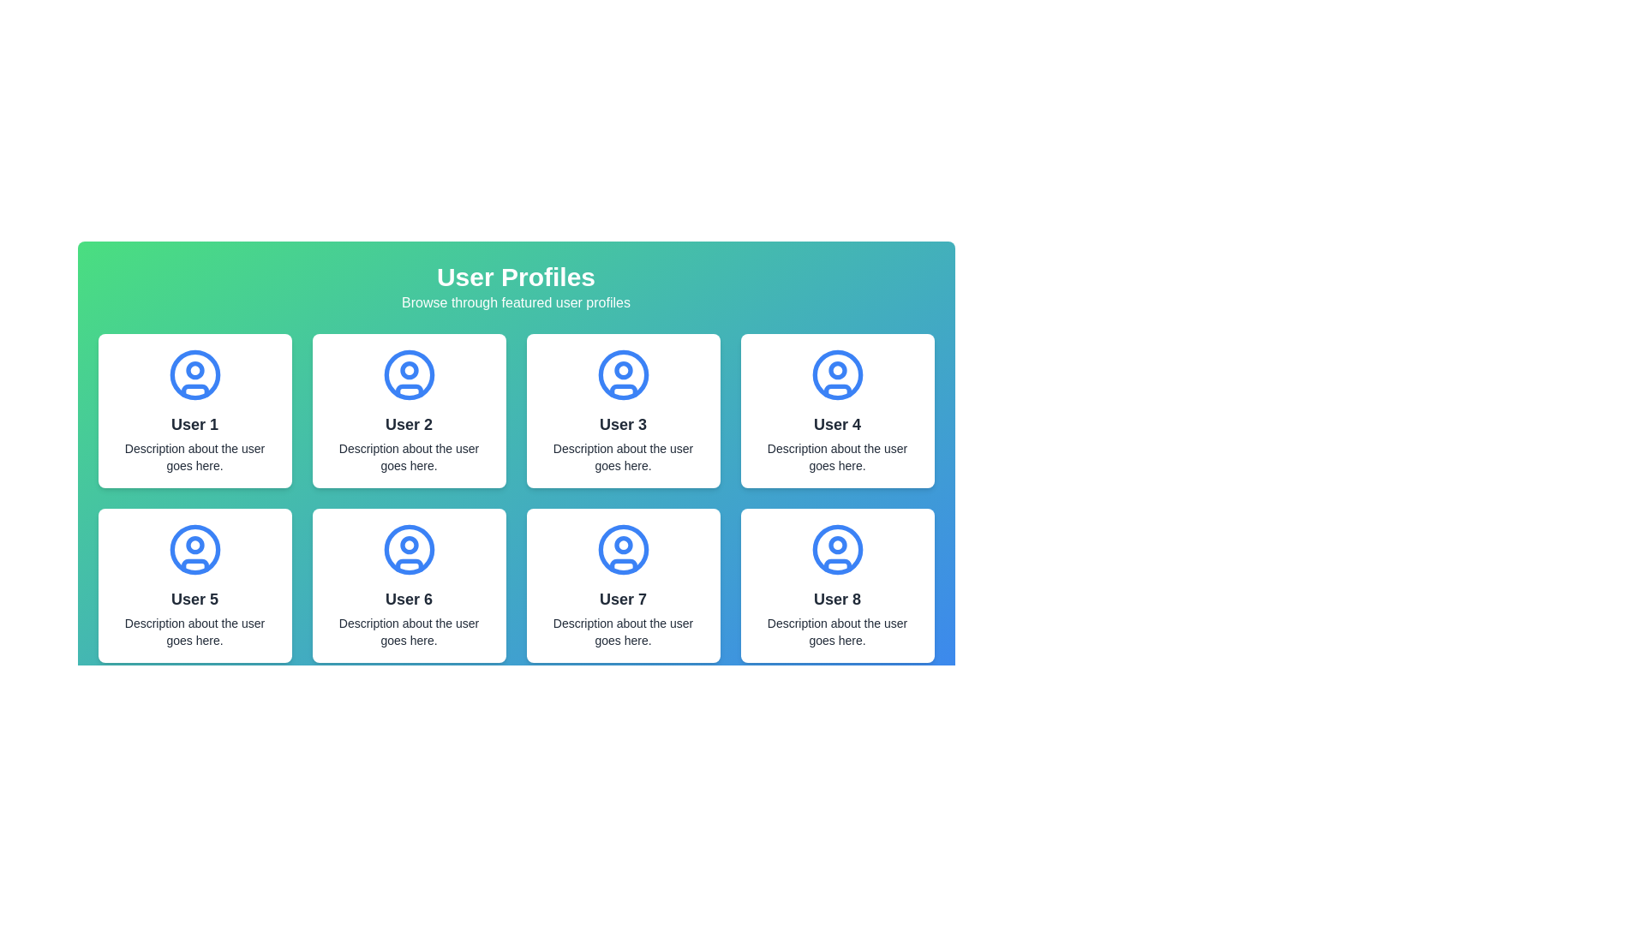 The width and height of the screenshot is (1645, 925). I want to click on user information displayed on the Profile Card for User 4, located in the fourth column of the first row in the grid layout, so click(837, 410).